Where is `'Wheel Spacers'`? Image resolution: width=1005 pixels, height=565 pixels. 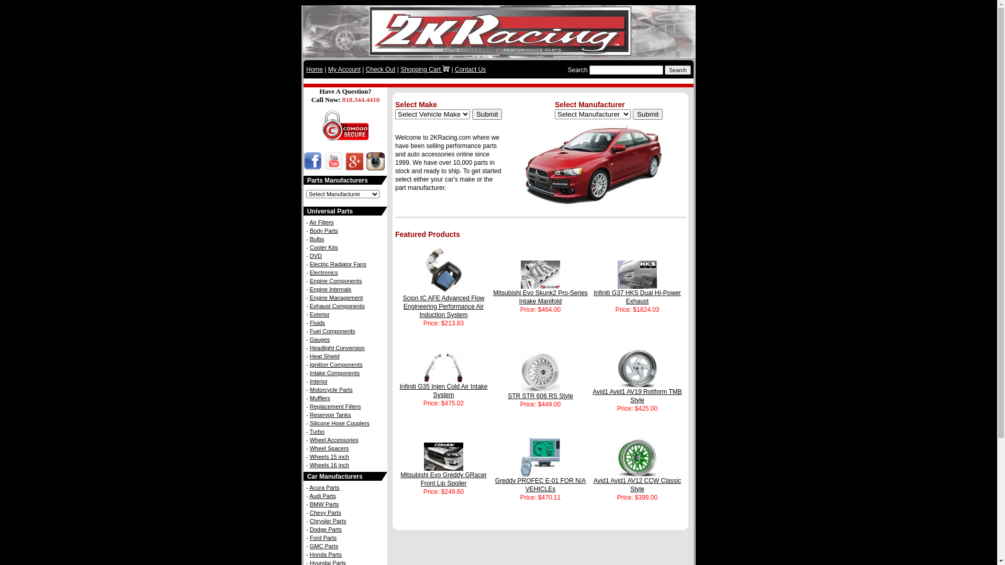 'Wheel Spacers' is located at coordinates (309, 447).